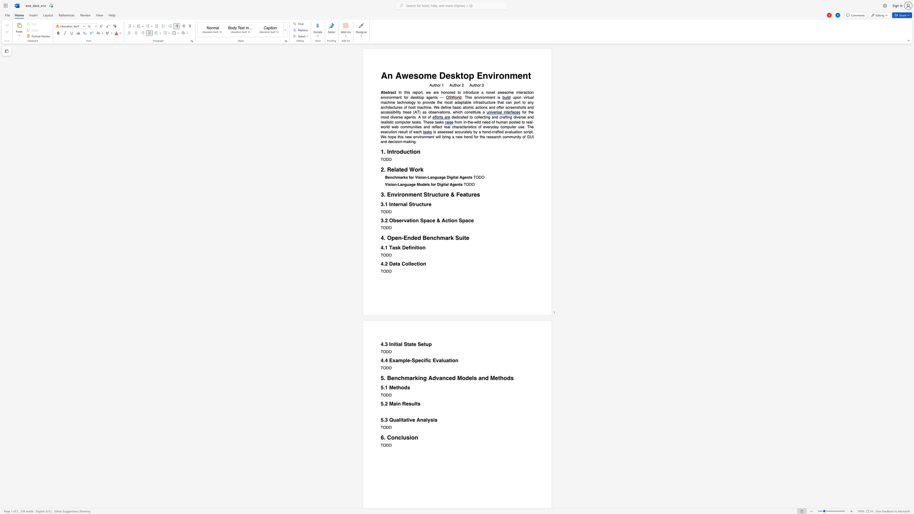  What do you see at coordinates (418, 151) in the screenshot?
I see `the 2th character "n" in the text` at bounding box center [418, 151].